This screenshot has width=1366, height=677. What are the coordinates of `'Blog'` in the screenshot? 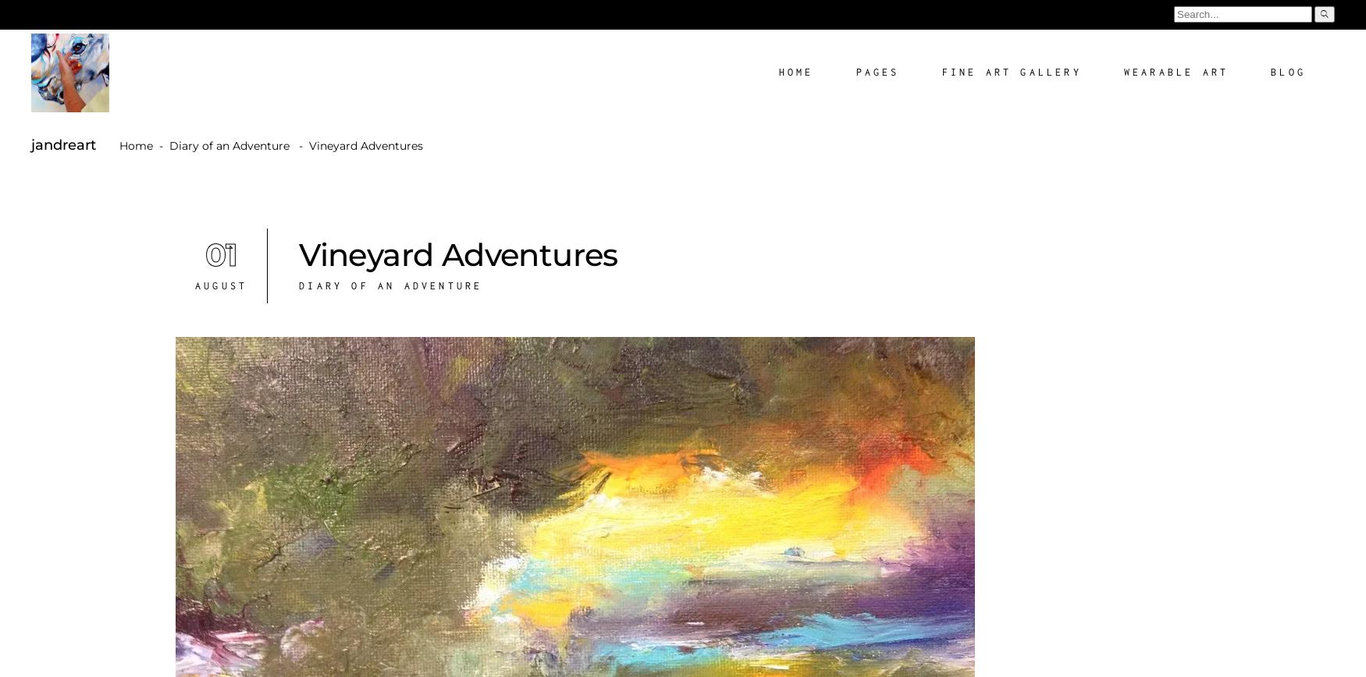 It's located at (1287, 72).